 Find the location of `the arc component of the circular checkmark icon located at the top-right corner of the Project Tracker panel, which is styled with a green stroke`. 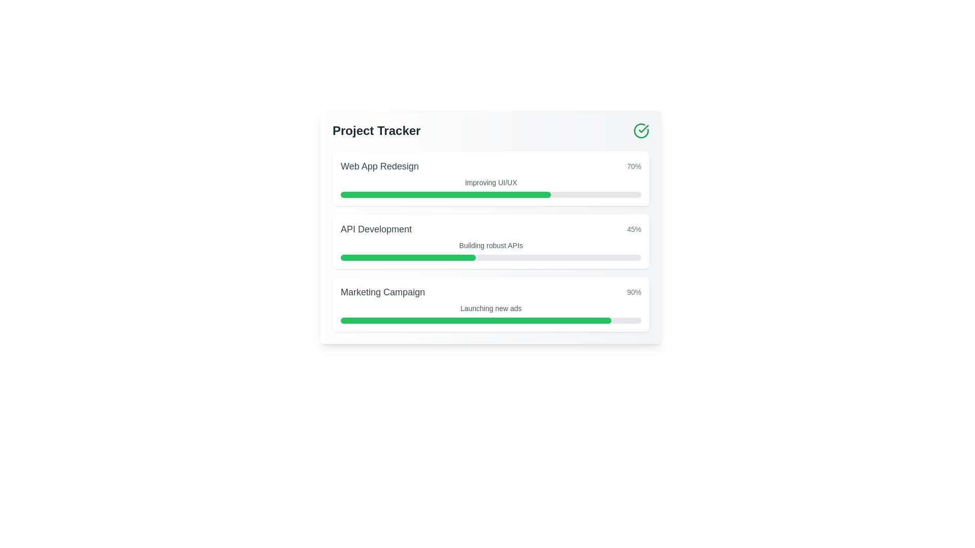

the arc component of the circular checkmark icon located at the top-right corner of the Project Tracker panel, which is styled with a green stroke is located at coordinates (640, 130).